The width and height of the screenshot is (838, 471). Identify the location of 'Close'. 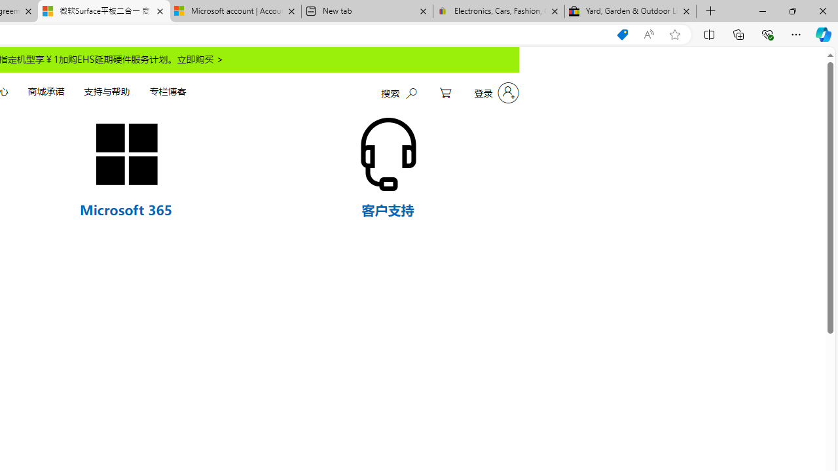
(822, 10).